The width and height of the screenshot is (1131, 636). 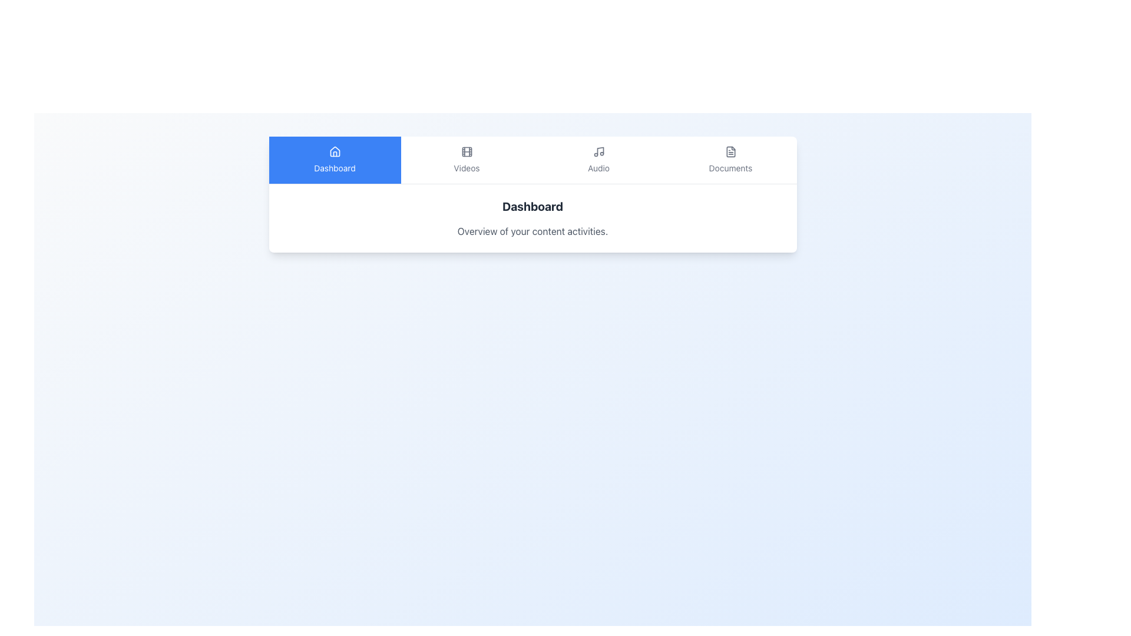 I want to click on the 'Videos' text label, which is styled with a smaller font size and positioned below the filmstrip icon in the horizontal navigation bar, so click(x=466, y=168).